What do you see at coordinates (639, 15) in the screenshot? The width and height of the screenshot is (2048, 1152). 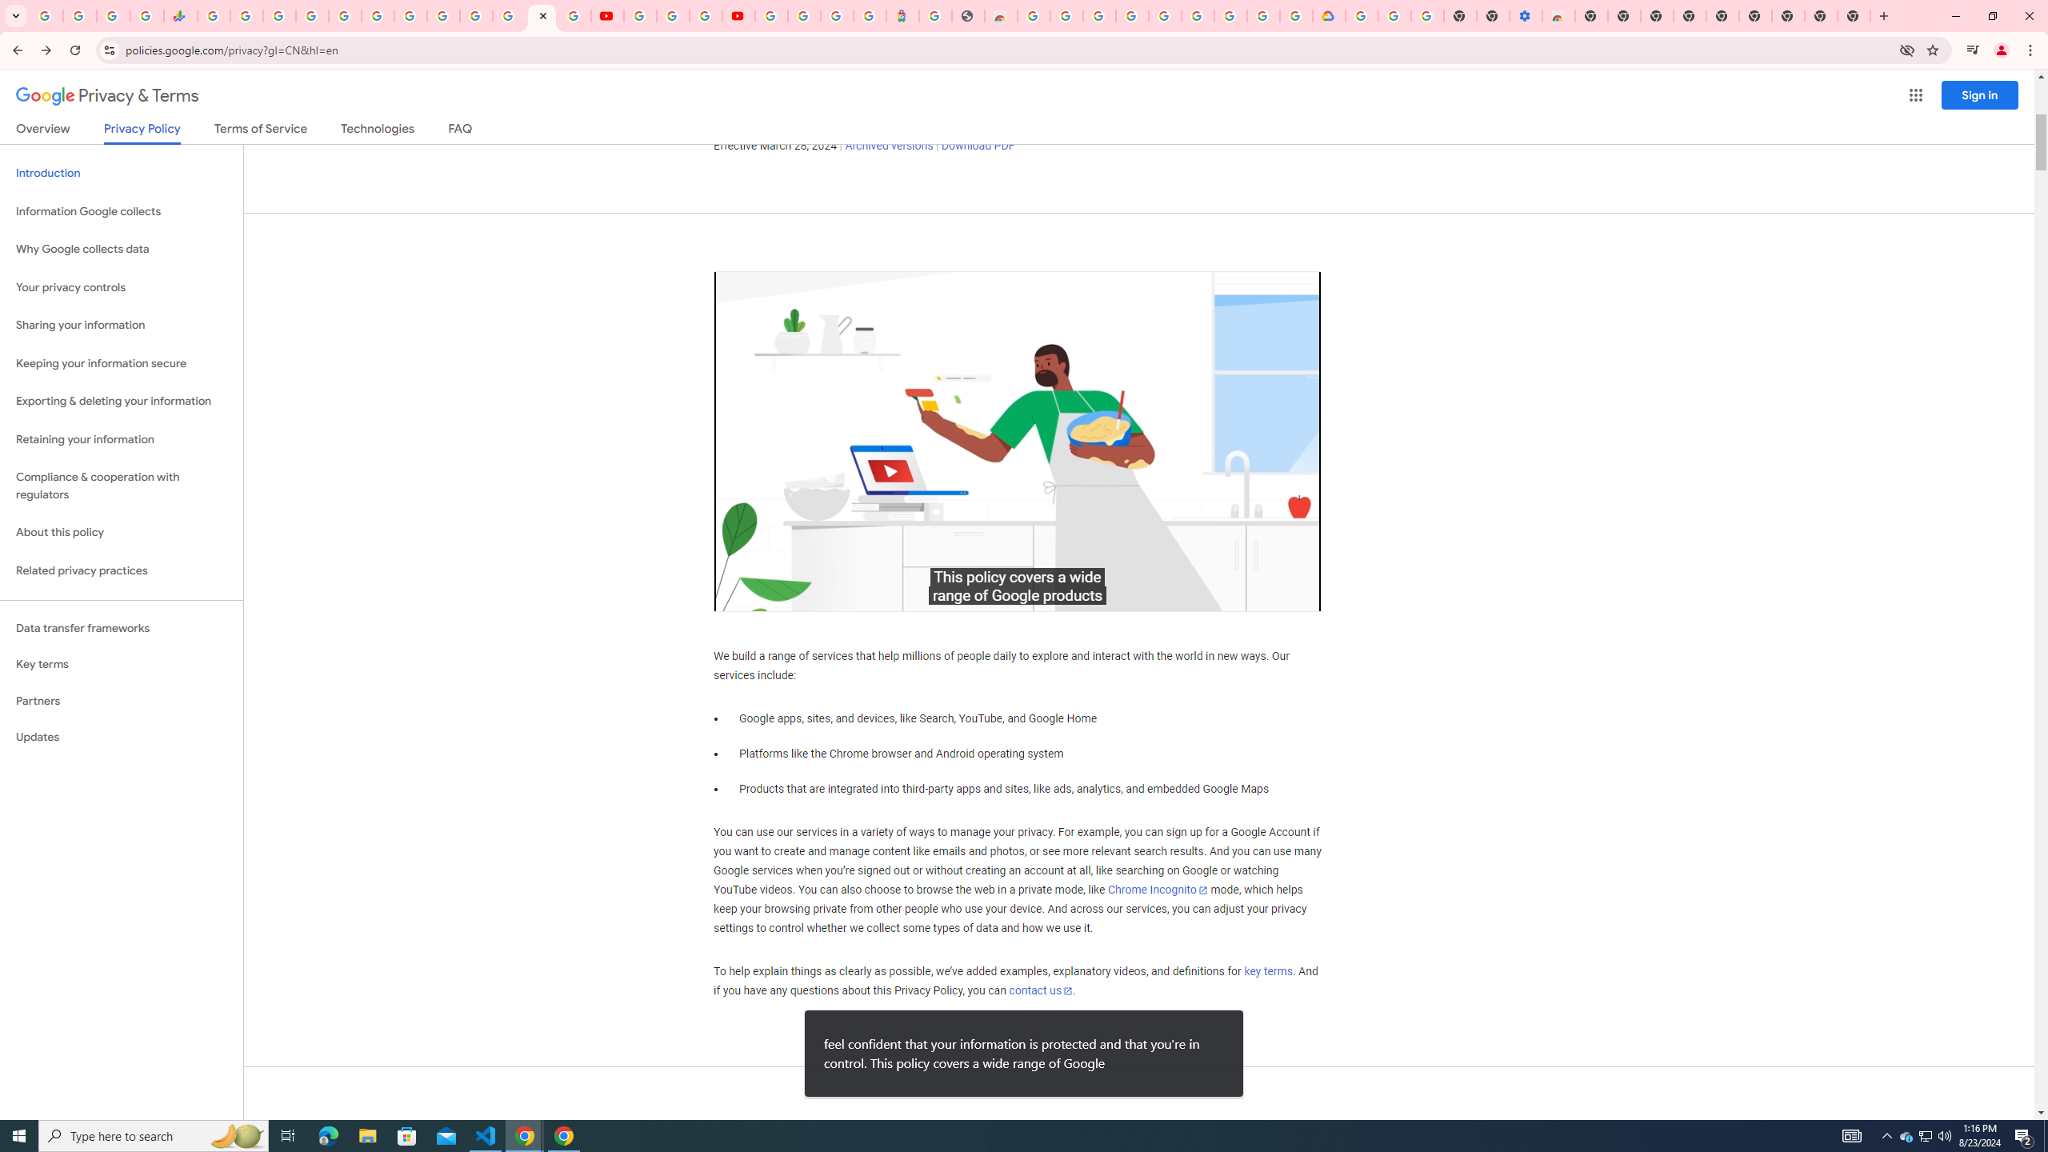 I see `'YouTube'` at bounding box center [639, 15].